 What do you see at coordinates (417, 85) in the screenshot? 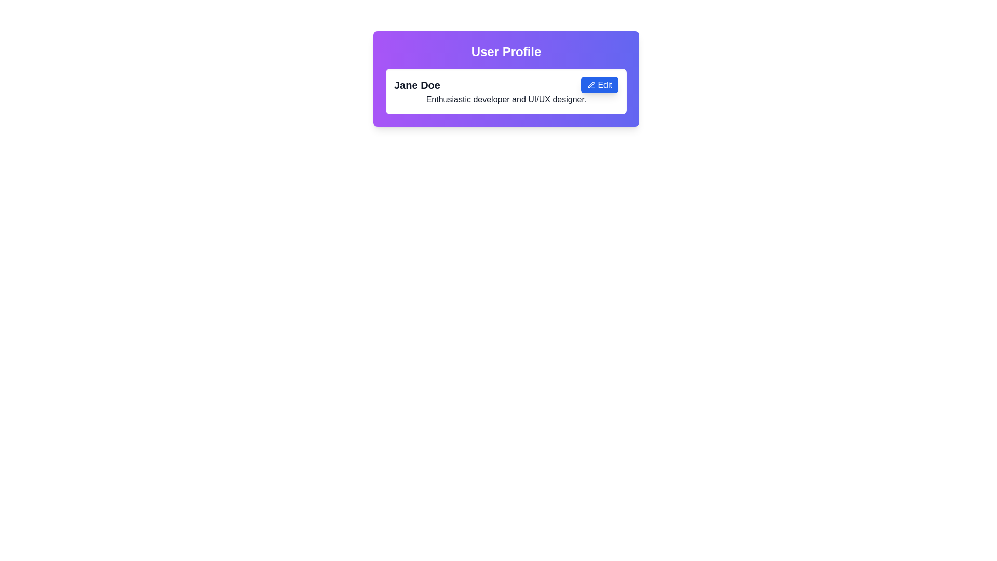
I see `the Text label displaying 'Jane Doe' in bold and large font, which is positioned at the top-left section of the user profile card` at bounding box center [417, 85].